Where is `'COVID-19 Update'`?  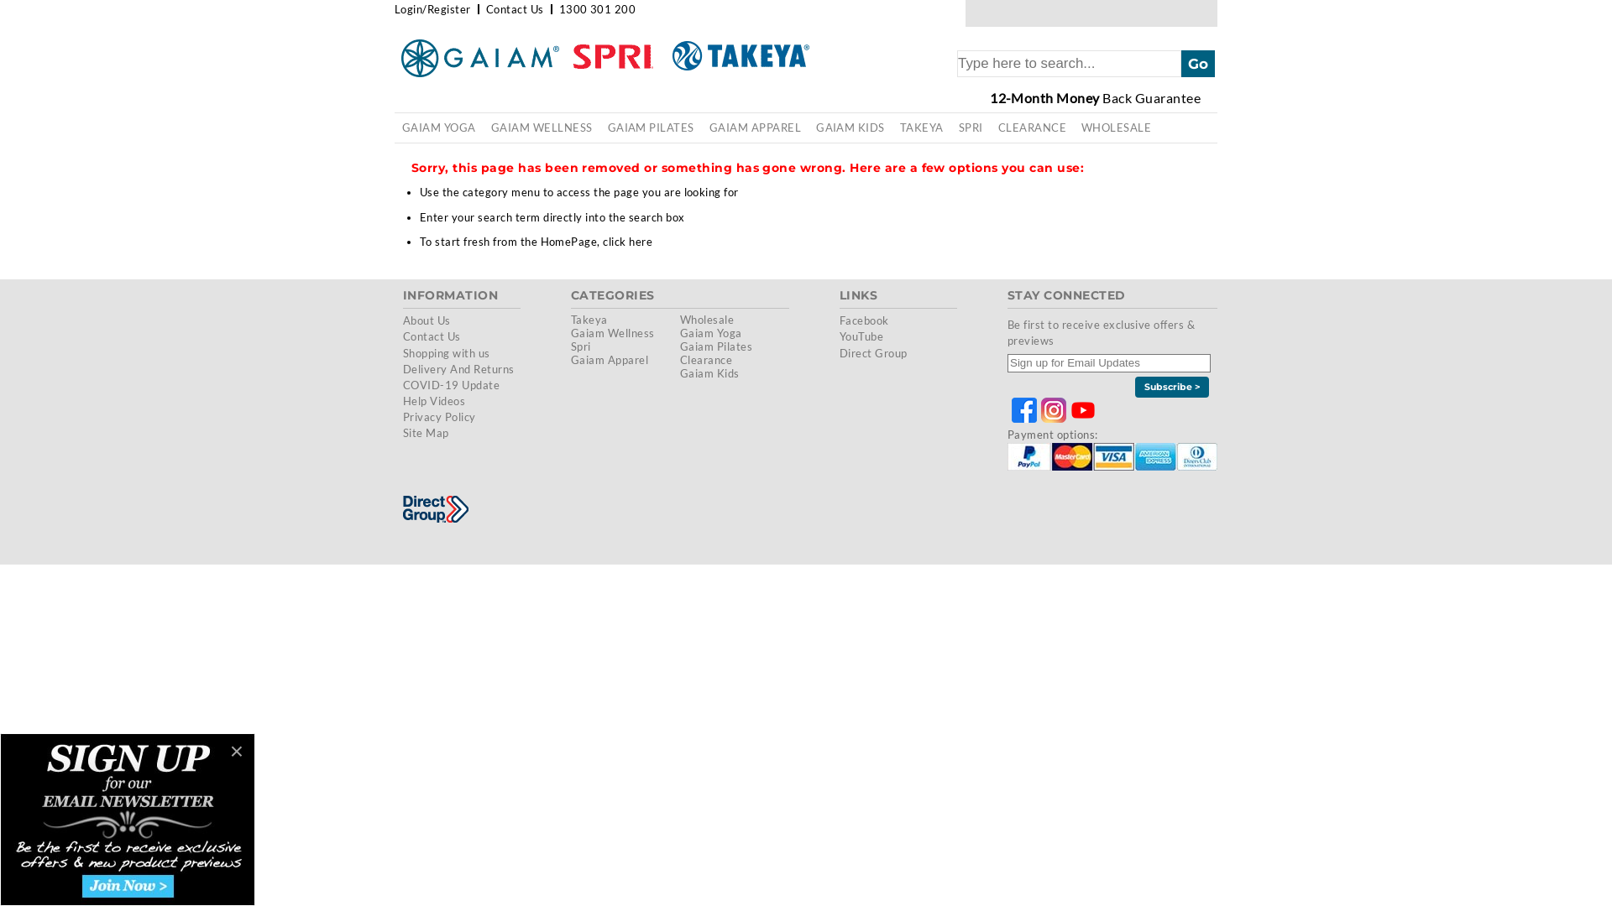
'COVID-19 Update' is located at coordinates (451, 385).